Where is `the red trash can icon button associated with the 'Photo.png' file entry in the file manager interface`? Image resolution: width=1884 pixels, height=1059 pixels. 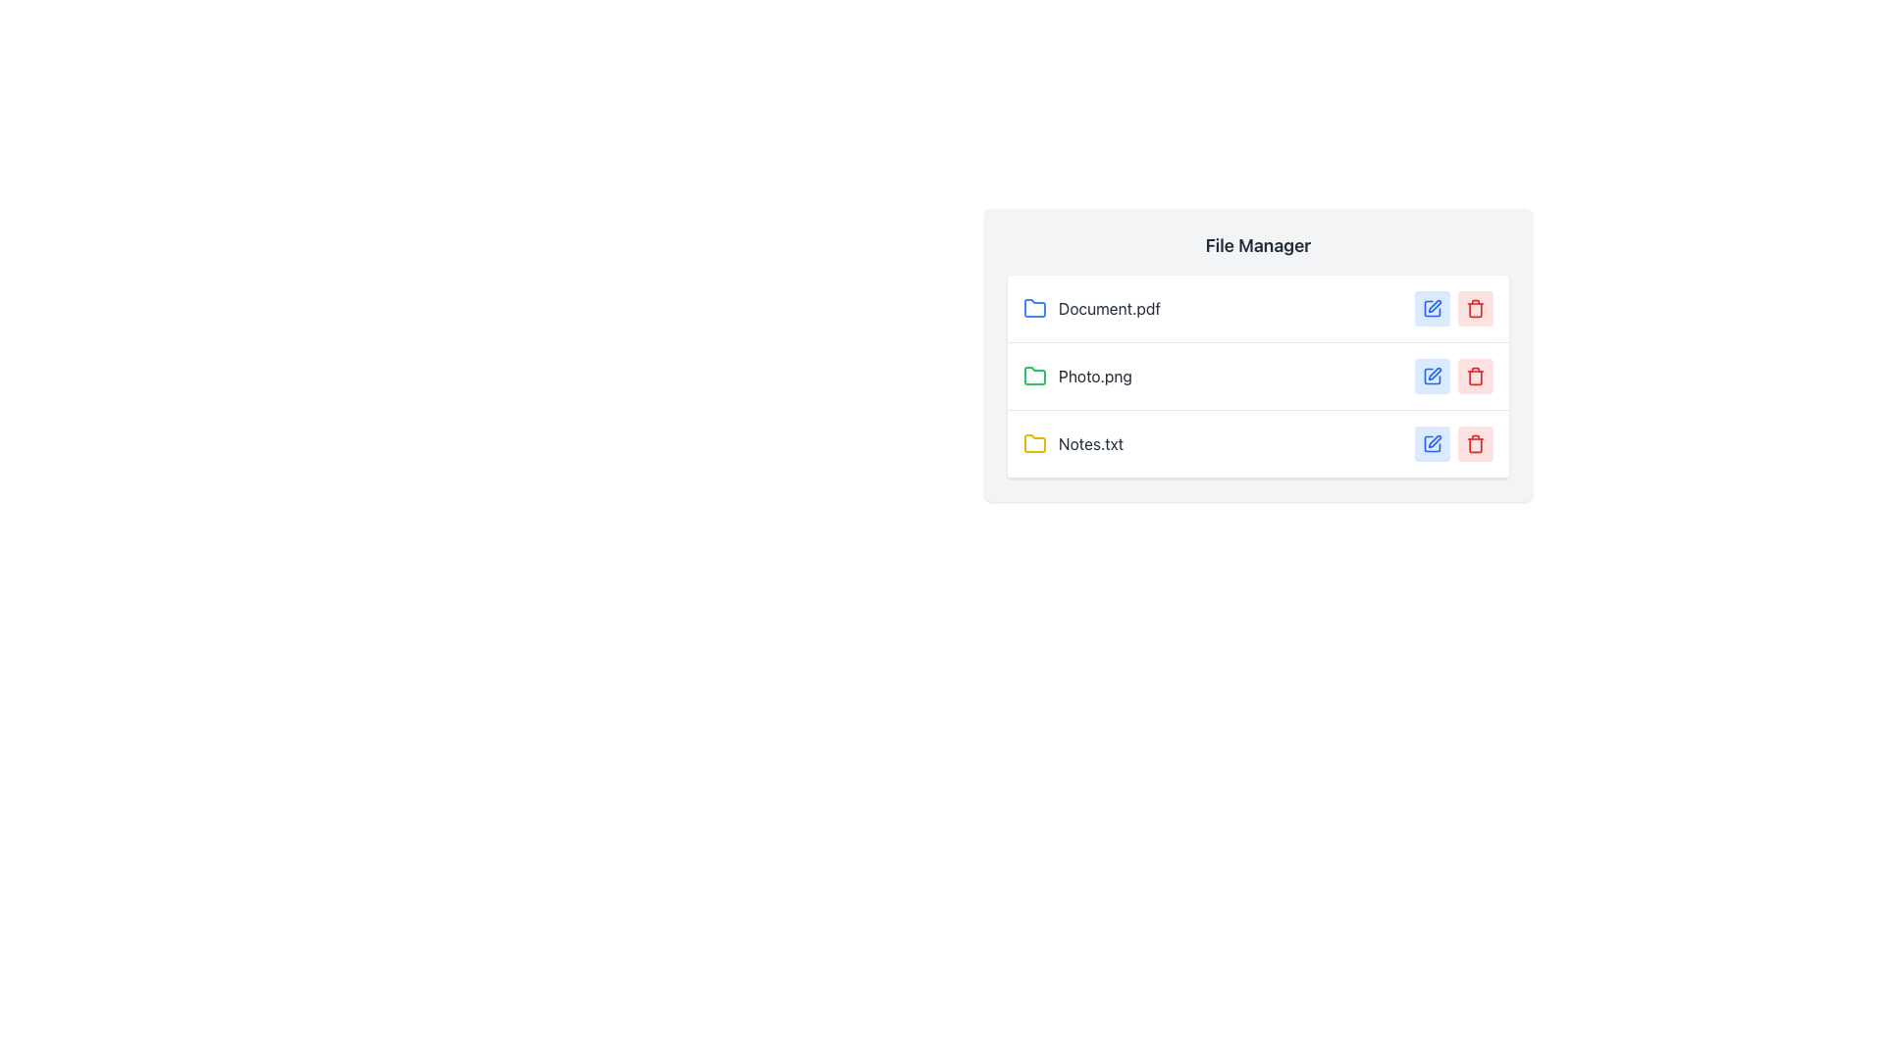 the red trash can icon button associated with the 'Photo.png' file entry in the file manager interface is located at coordinates (1475, 377).